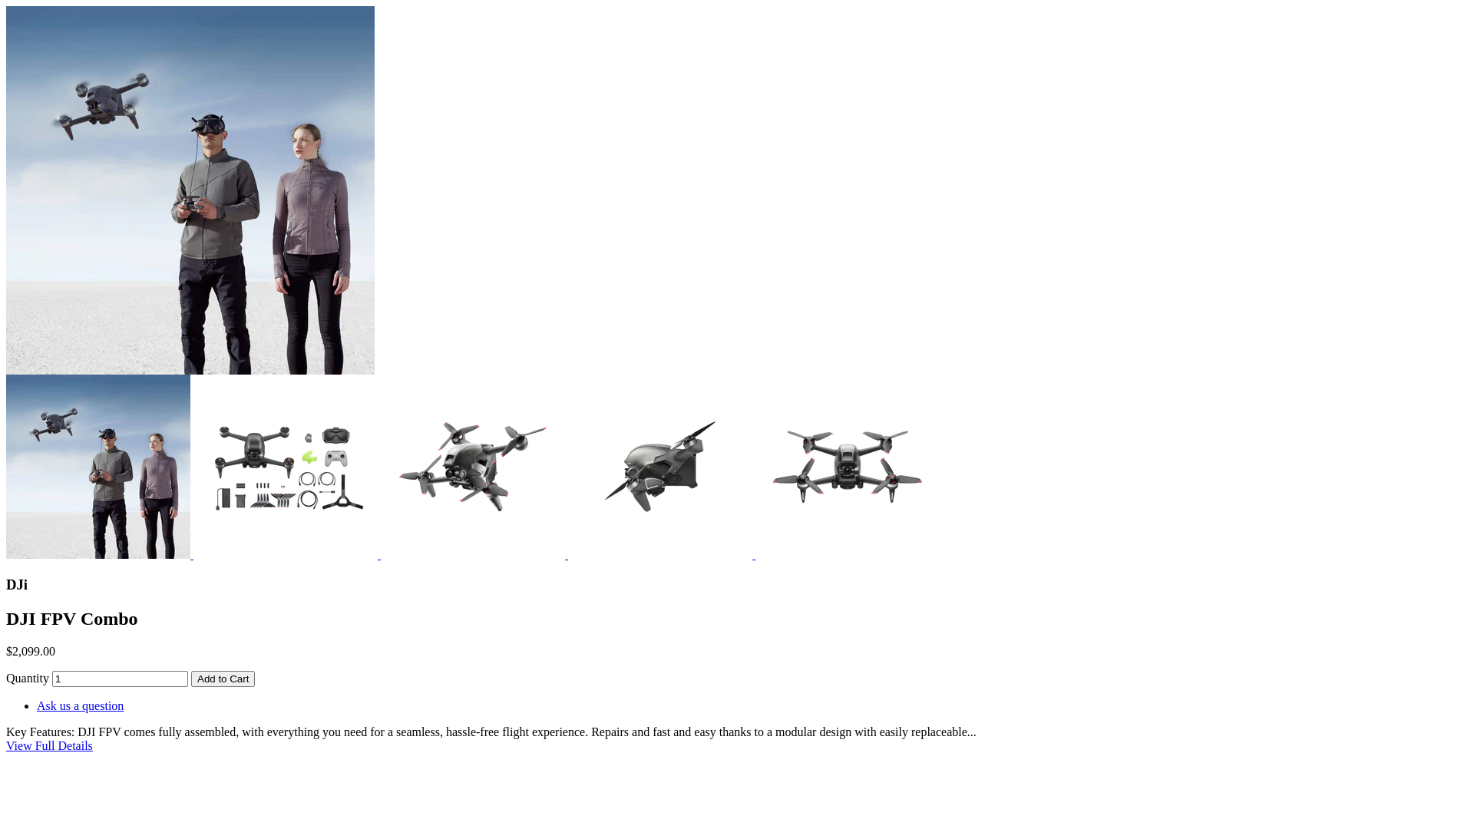 This screenshot has width=1474, height=829. I want to click on 'View Full Details', so click(49, 745).